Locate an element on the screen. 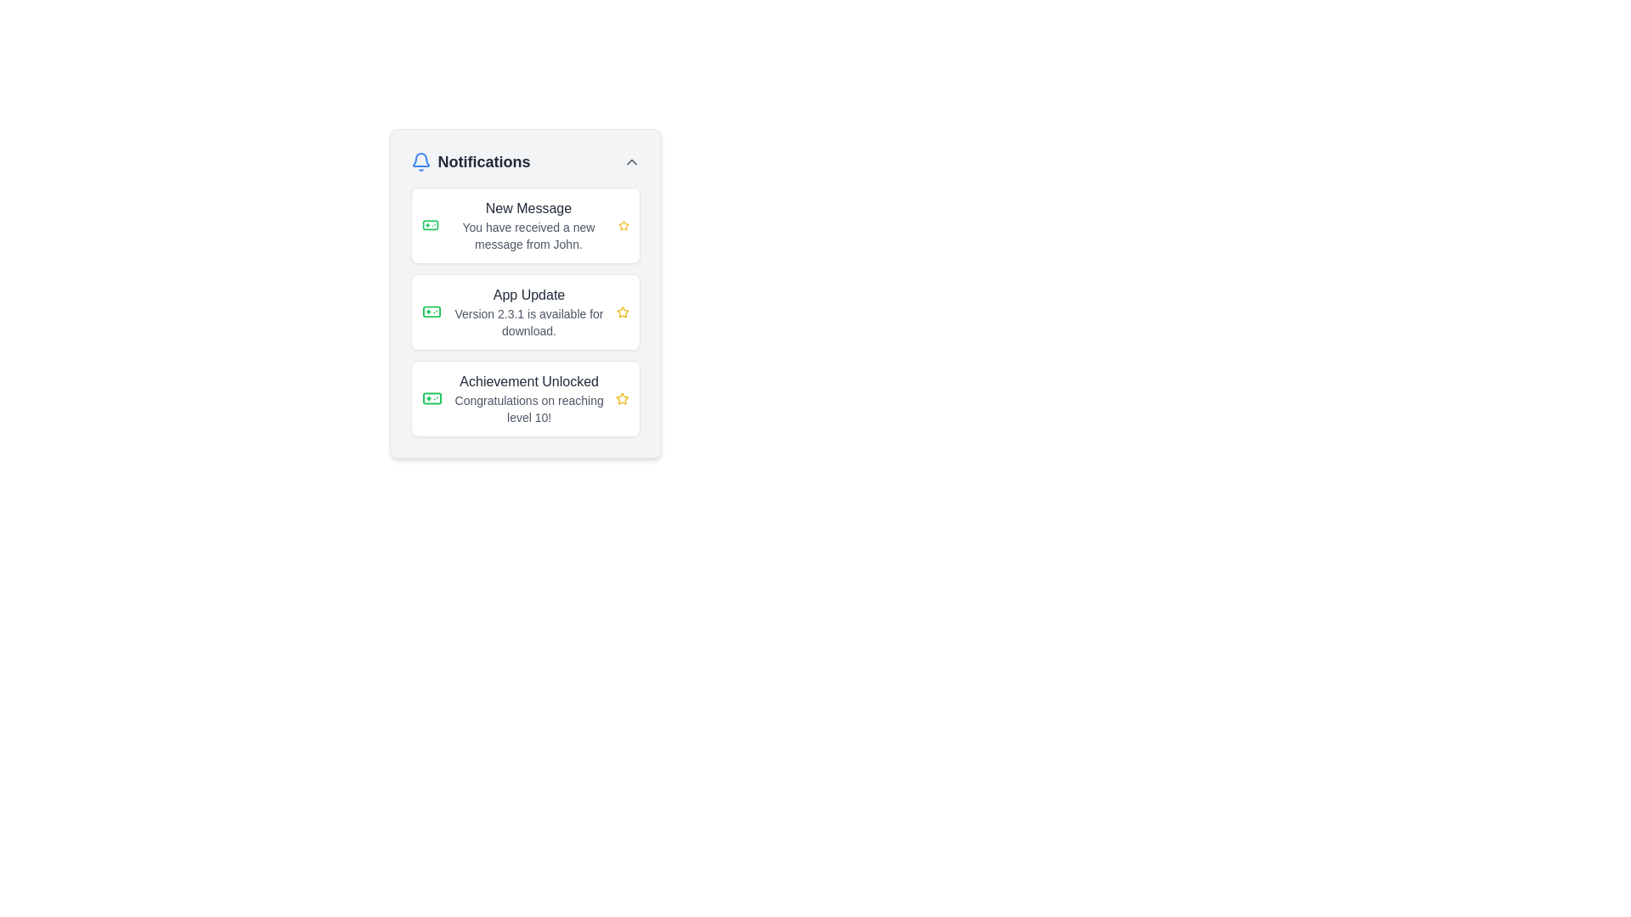 This screenshot has height=917, width=1631. the header element that contains a blue bell icon and the text 'Notifications' positioned at the top of the notification panel is located at coordinates (470, 162).